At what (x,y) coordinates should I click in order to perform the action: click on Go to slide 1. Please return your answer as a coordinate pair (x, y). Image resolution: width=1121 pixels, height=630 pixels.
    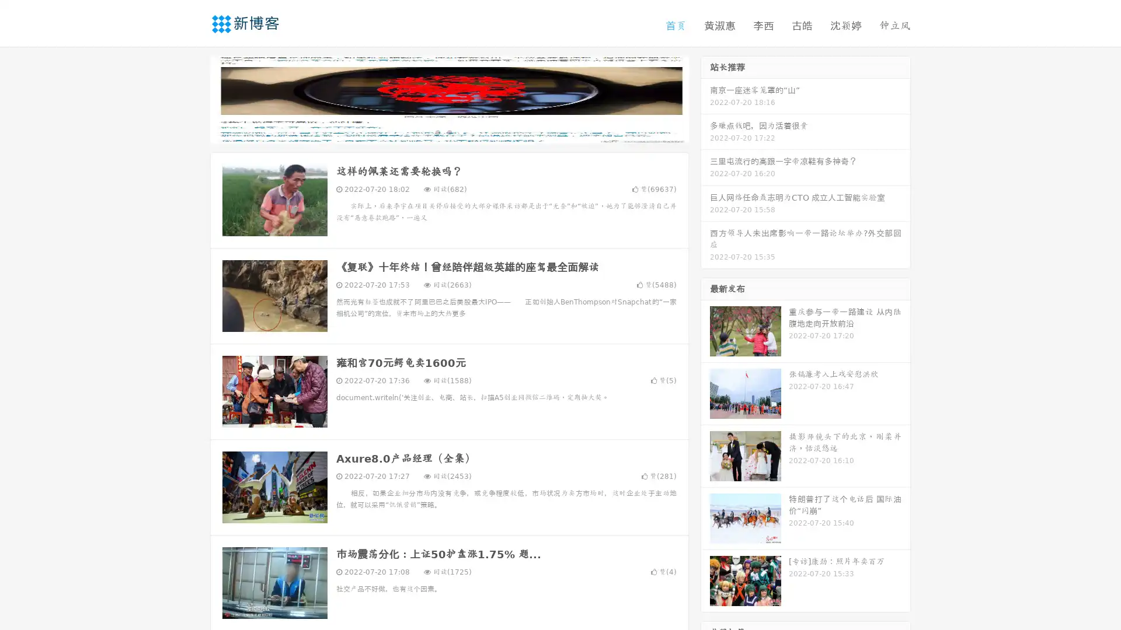
    Looking at the image, I should click on (437, 131).